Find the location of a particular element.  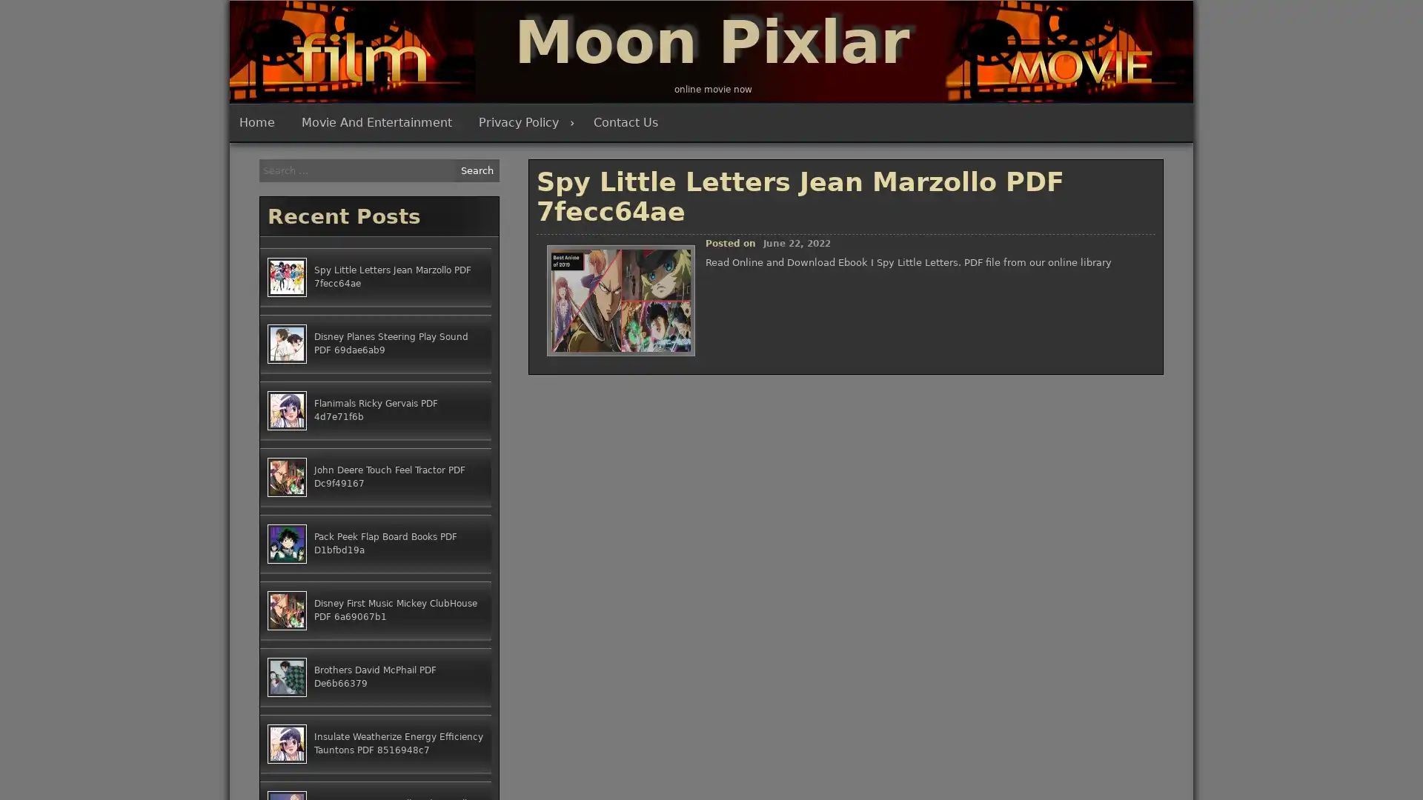

Search is located at coordinates (477, 170).